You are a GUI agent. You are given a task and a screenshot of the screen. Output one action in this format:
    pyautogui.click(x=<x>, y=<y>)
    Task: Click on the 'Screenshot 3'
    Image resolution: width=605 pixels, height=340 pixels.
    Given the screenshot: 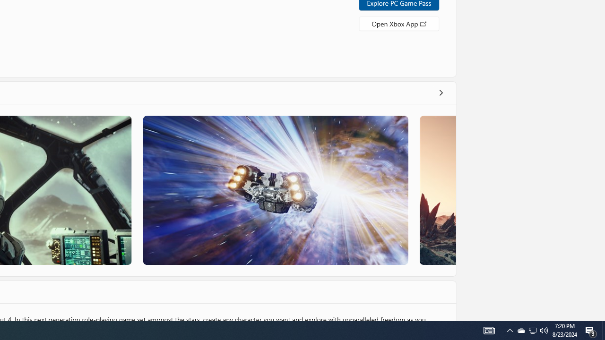 What is the action you would take?
    pyautogui.click(x=275, y=190)
    